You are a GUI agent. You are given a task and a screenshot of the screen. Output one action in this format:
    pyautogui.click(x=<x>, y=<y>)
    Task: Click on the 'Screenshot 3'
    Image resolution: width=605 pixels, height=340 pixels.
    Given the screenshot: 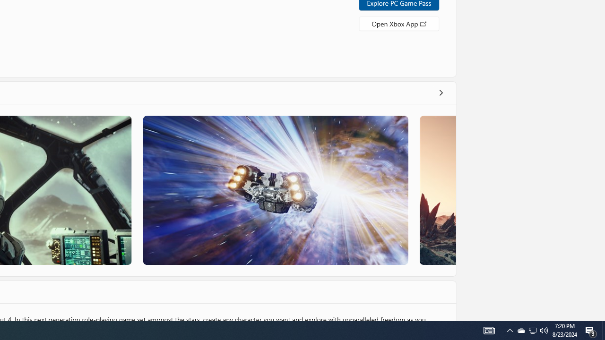 What is the action you would take?
    pyautogui.click(x=275, y=190)
    